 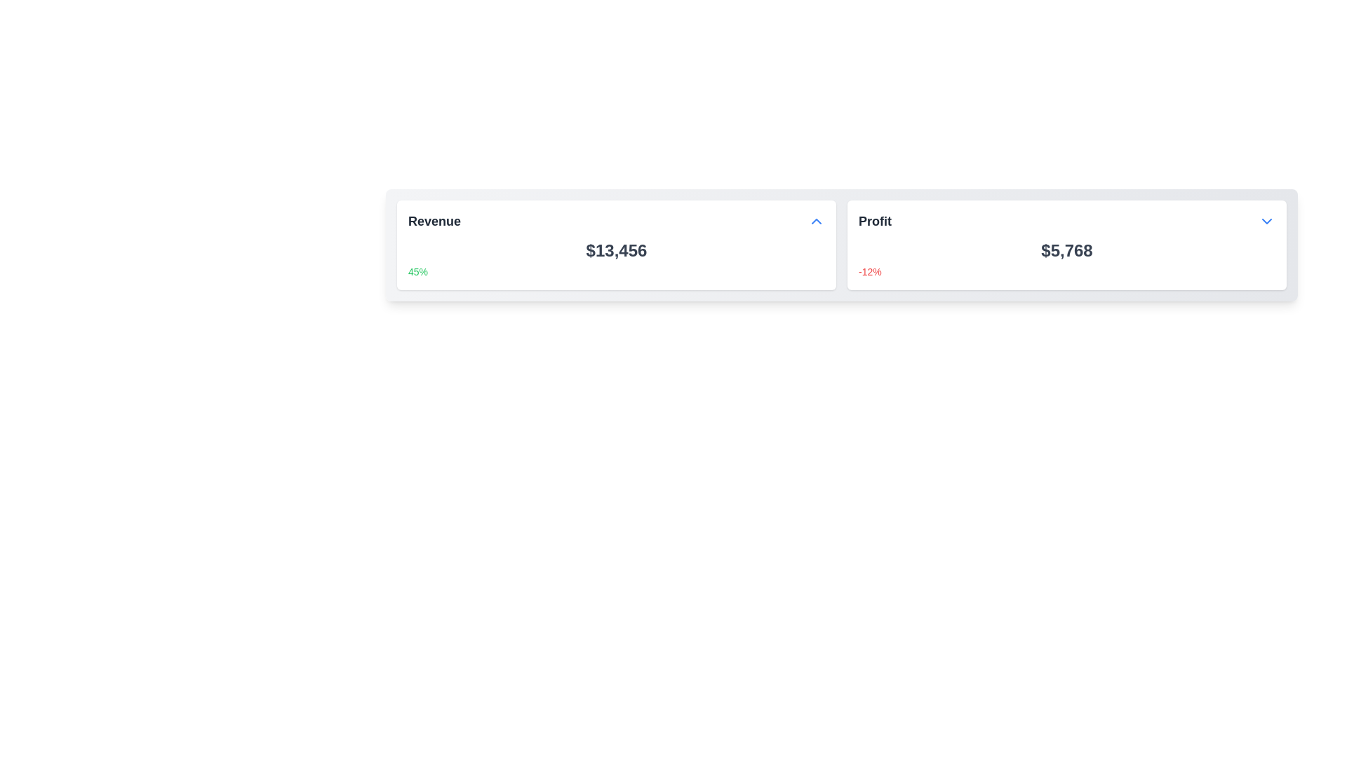 I want to click on the Static Text Display element that shows the numerical value '$5,768', located within a card below the title 'Profit' and above the percentage text '-12%', so click(x=1066, y=250).